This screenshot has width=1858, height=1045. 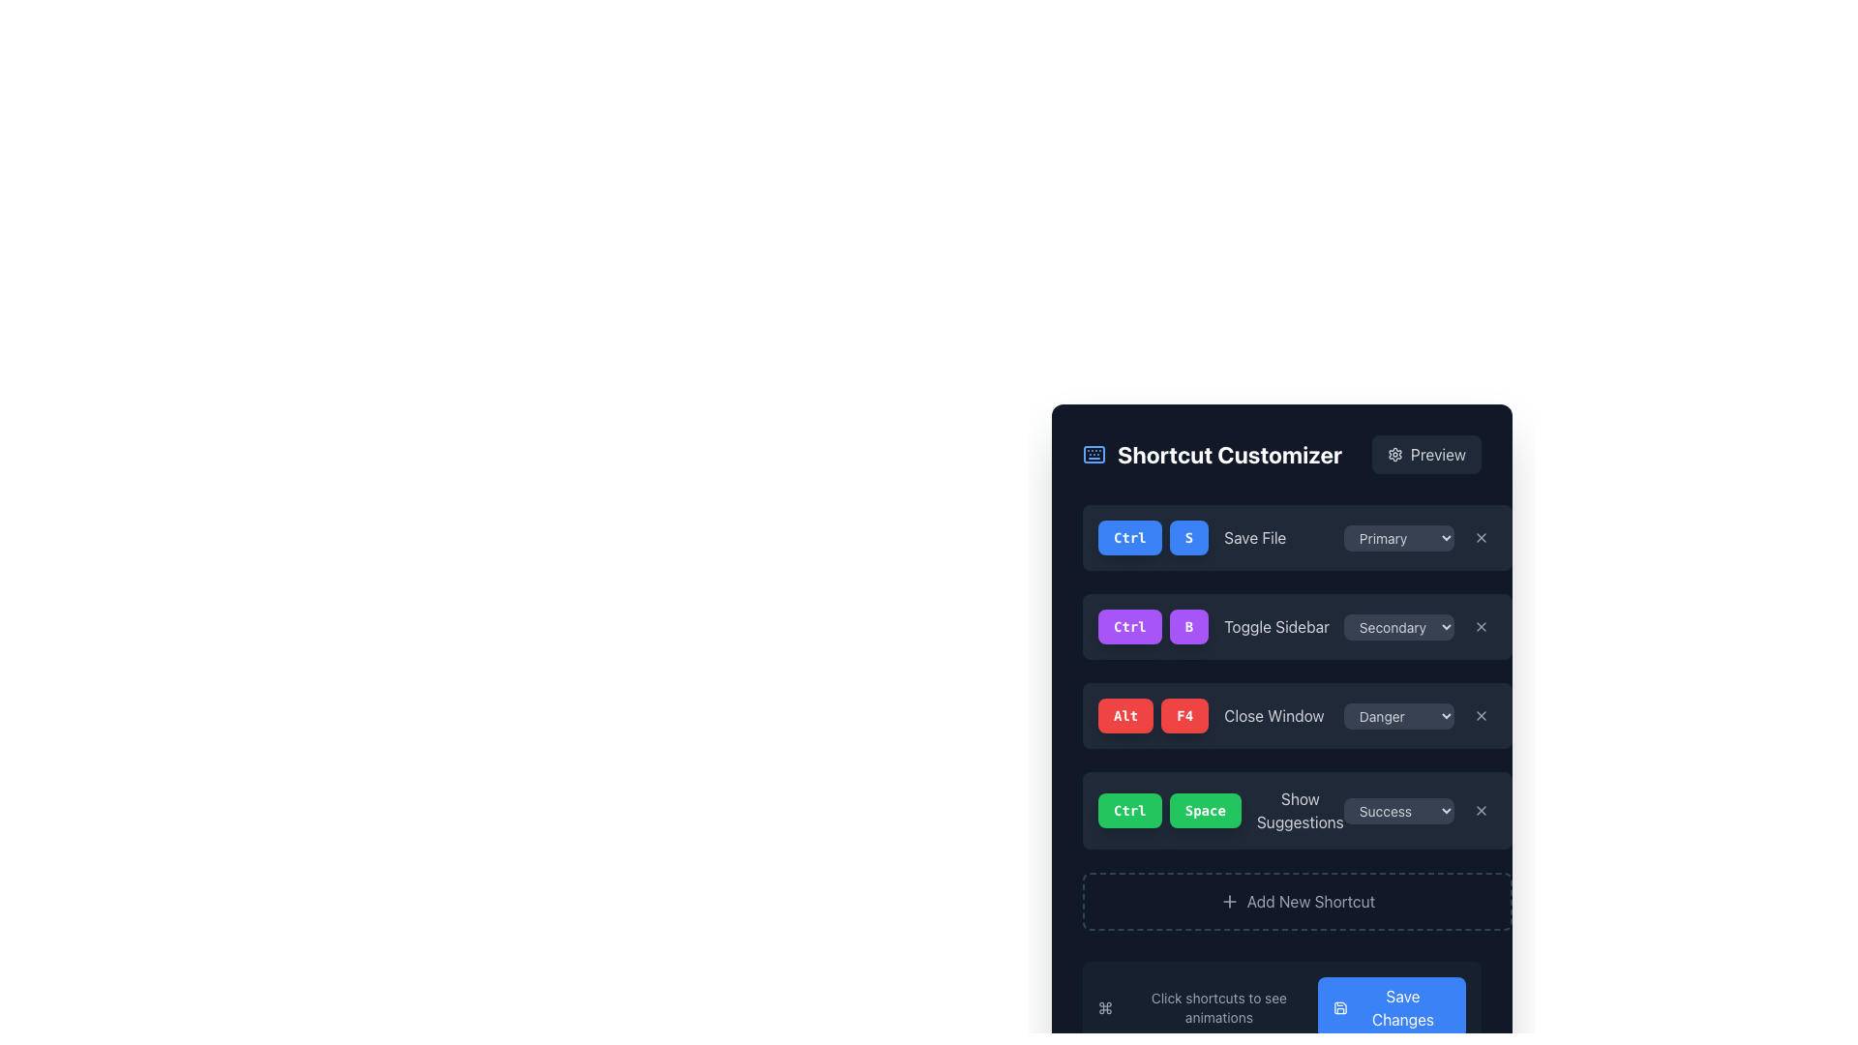 I want to click on the 'B' key button within the shortcut customizer interface to observe the hover effect, so click(x=1187, y=627).